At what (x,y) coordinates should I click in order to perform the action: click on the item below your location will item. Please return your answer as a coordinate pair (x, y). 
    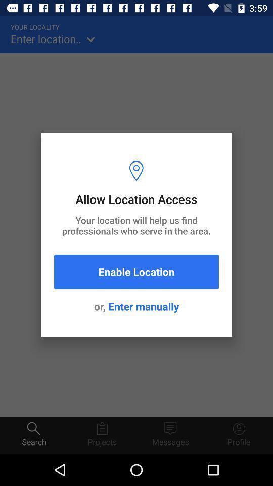
    Looking at the image, I should click on (136, 271).